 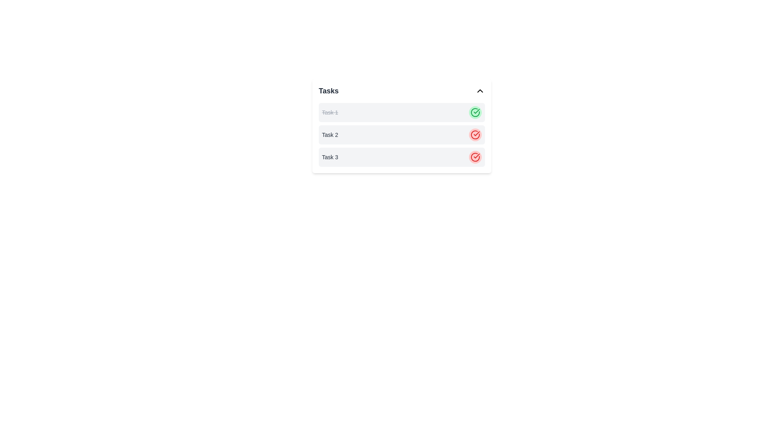 What do you see at coordinates (475, 112) in the screenshot?
I see `the green circular outline of the checkmark SVG icon, which is part of a larger set of UI indicators` at bounding box center [475, 112].